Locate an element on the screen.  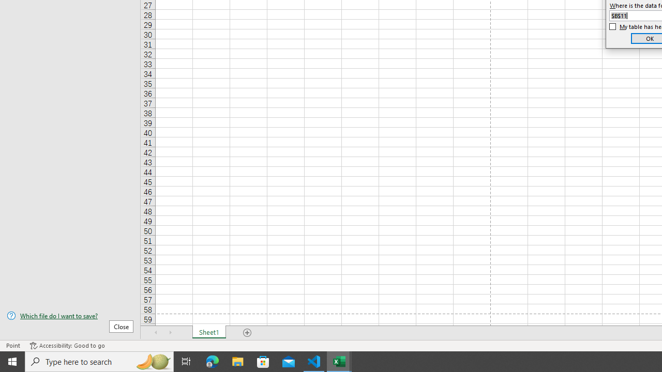
'Microsoft Edge' is located at coordinates (212, 361).